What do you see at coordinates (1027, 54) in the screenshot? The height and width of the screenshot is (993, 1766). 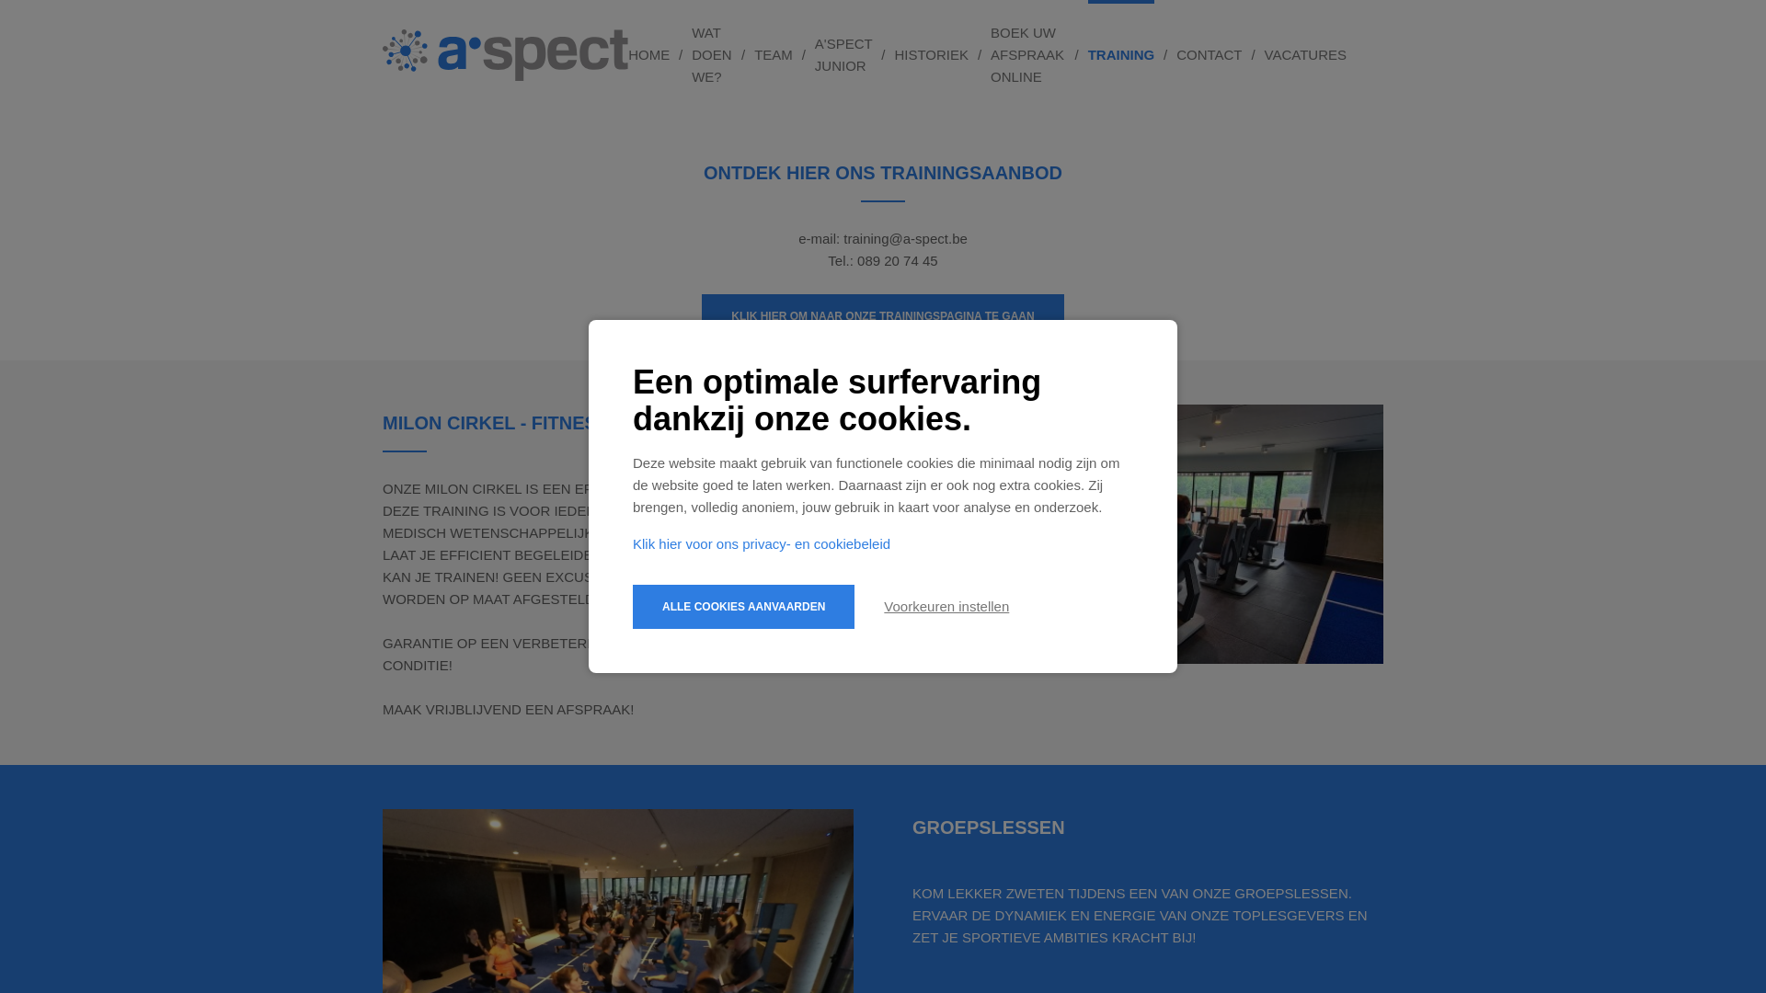 I see `'BOEK UW AFSPRAAK ONLINE'` at bounding box center [1027, 54].